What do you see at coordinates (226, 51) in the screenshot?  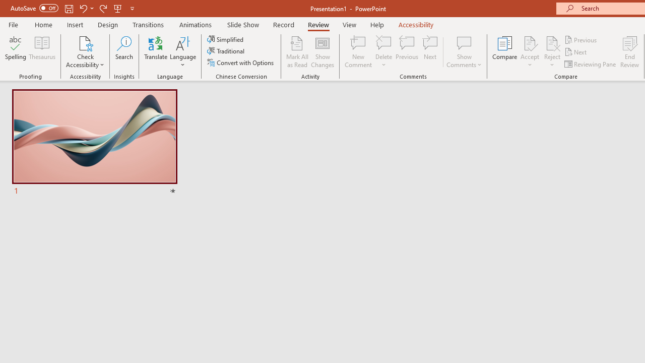 I see `'Traditional'` at bounding box center [226, 51].